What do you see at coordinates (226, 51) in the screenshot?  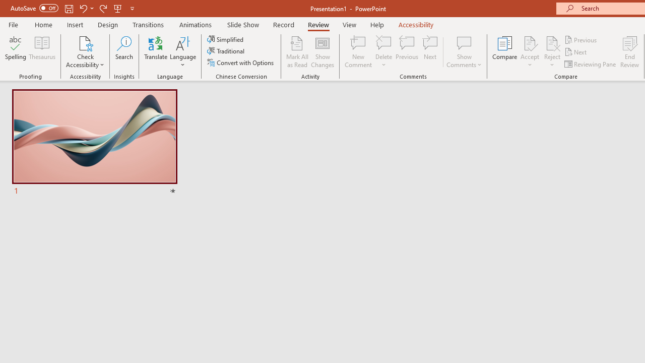 I see `'Traditional'` at bounding box center [226, 51].